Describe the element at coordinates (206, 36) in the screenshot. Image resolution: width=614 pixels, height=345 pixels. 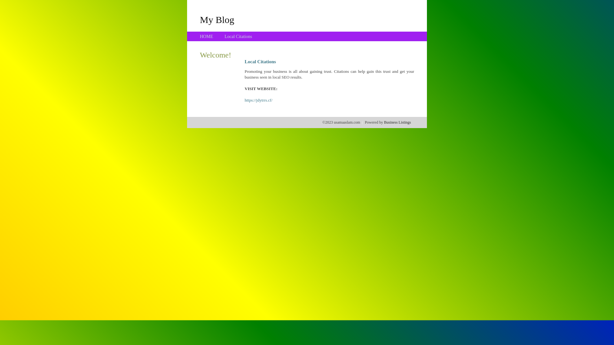
I see `'HOME'` at that location.